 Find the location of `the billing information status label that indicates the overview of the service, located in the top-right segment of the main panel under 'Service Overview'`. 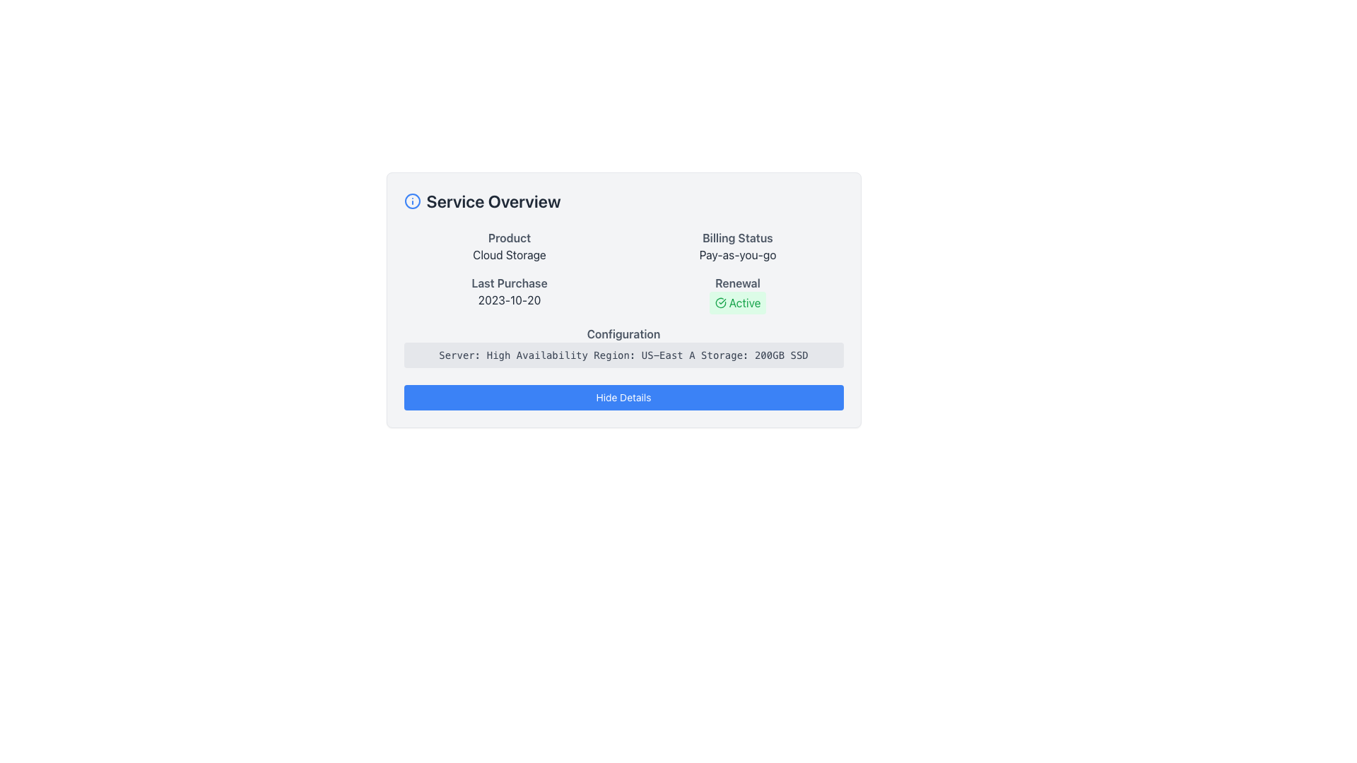

the billing information status label that indicates the overview of the service, located in the top-right segment of the main panel under 'Service Overview' is located at coordinates (736, 237).